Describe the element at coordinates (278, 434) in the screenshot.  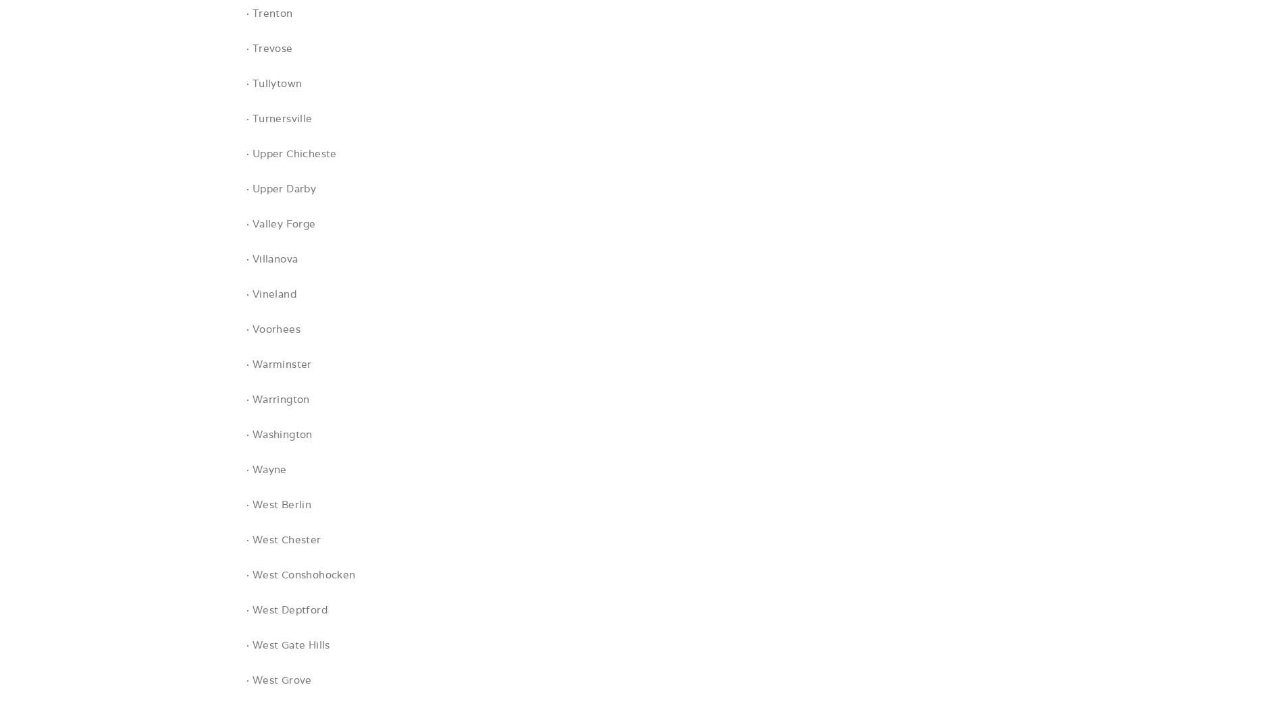
I see `'· Washington'` at that location.